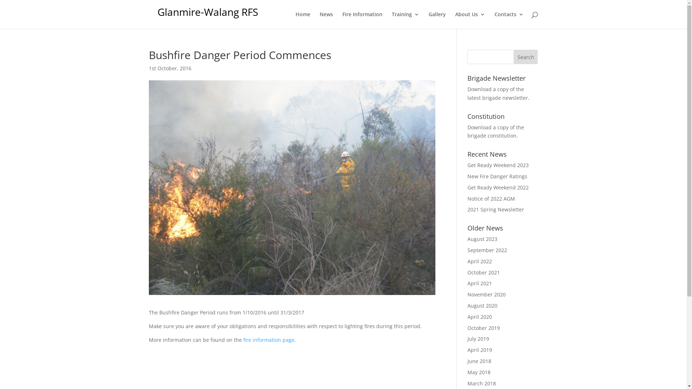  Describe the element at coordinates (482, 305) in the screenshot. I see `'August 2020'` at that location.